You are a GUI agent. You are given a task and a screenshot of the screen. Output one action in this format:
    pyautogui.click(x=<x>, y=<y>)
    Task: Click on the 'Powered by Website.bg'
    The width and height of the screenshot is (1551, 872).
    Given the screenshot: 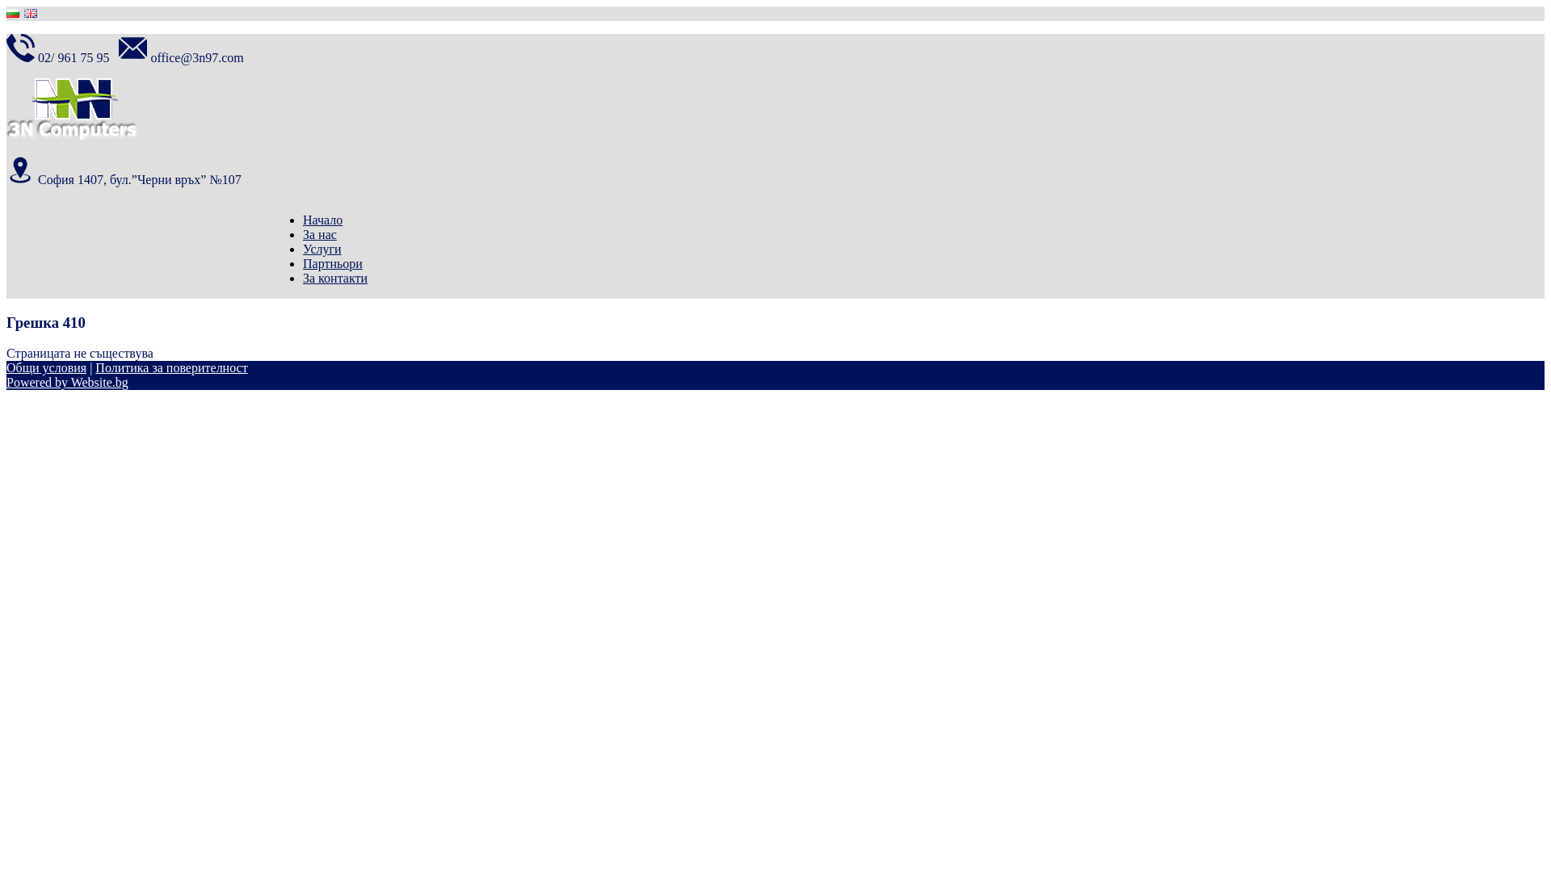 What is the action you would take?
    pyautogui.click(x=66, y=382)
    